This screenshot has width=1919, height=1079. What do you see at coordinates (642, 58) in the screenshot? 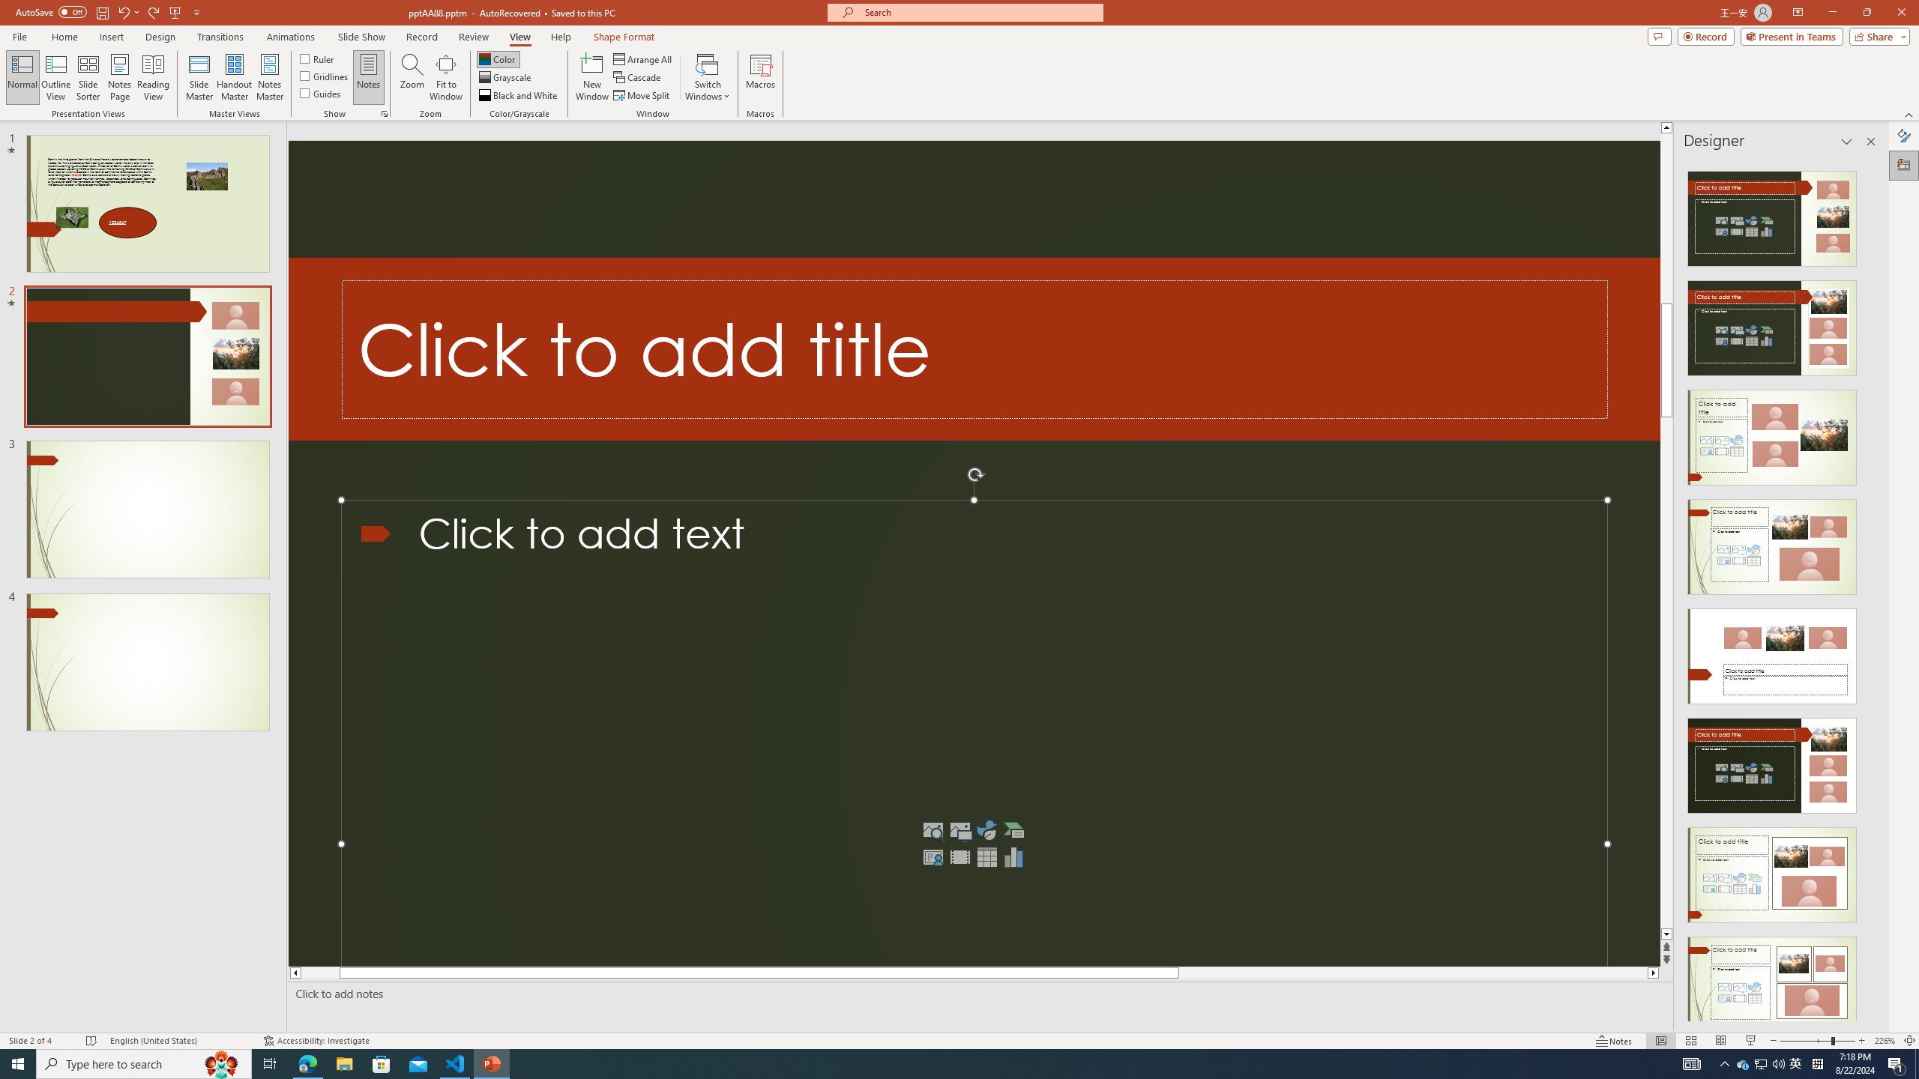
I see `'Arrange All'` at bounding box center [642, 58].